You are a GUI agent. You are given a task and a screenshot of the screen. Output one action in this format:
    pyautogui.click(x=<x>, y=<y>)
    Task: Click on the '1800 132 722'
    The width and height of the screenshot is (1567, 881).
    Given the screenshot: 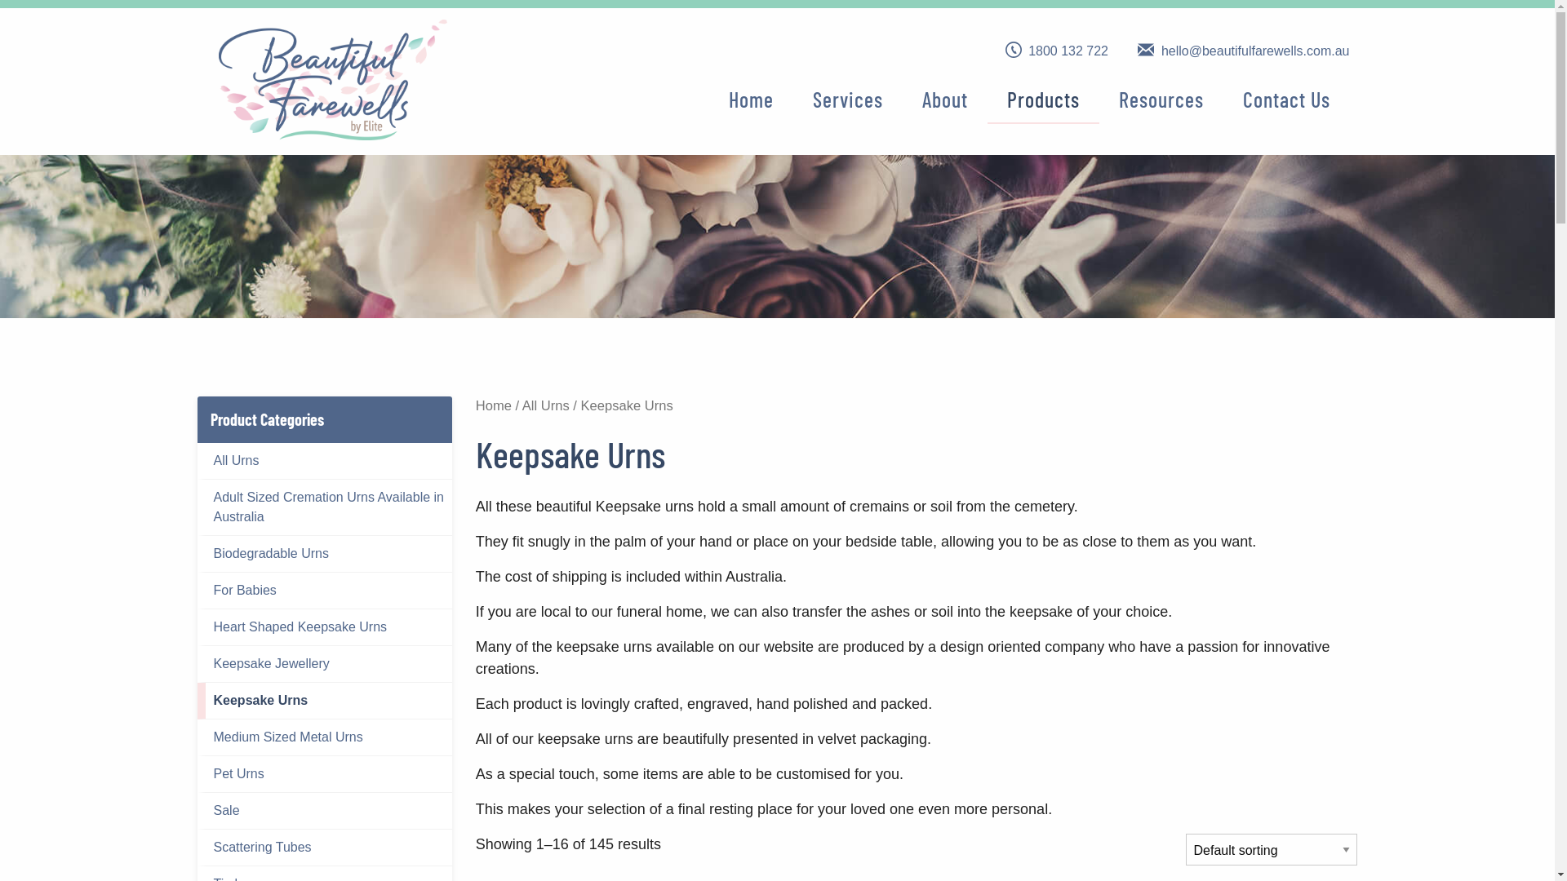 What is the action you would take?
    pyautogui.click(x=1059, y=50)
    